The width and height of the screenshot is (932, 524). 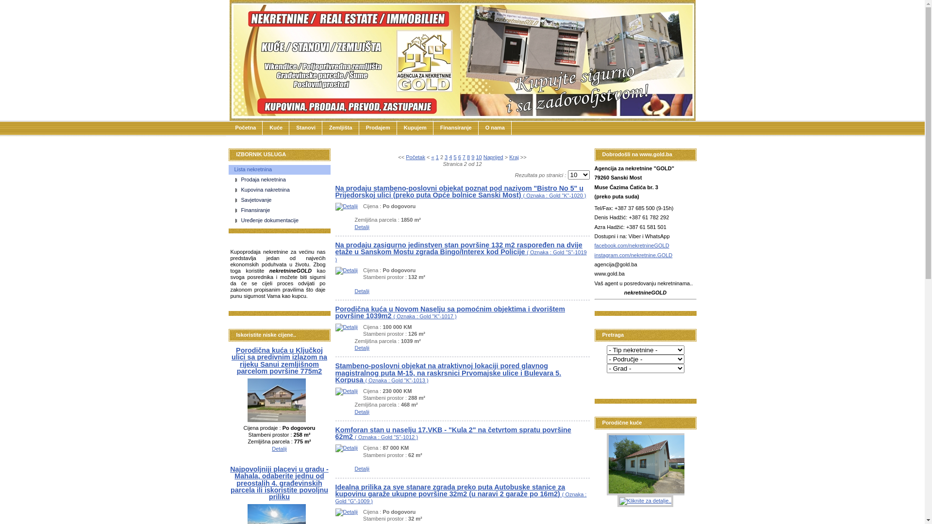 I want to click on 'Kraj', so click(x=514, y=157).